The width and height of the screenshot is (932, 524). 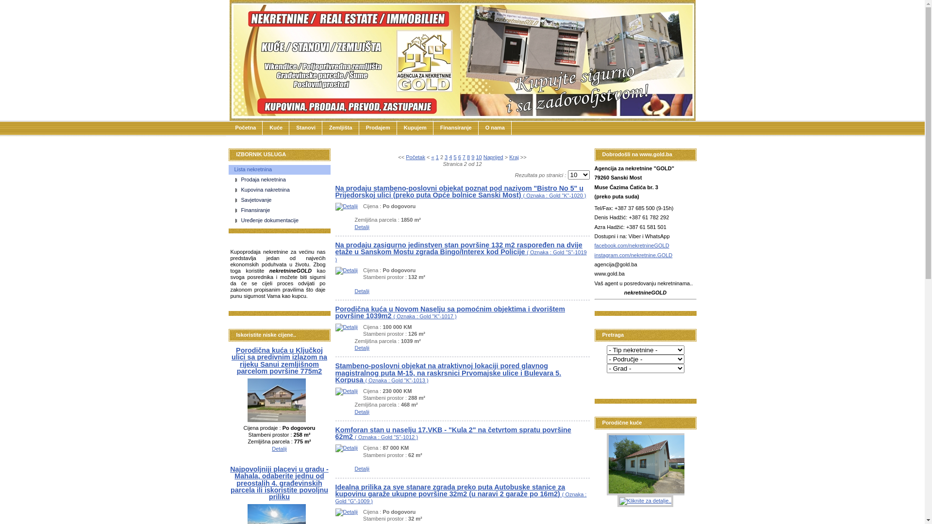 I want to click on 'Kraj', so click(x=514, y=157).